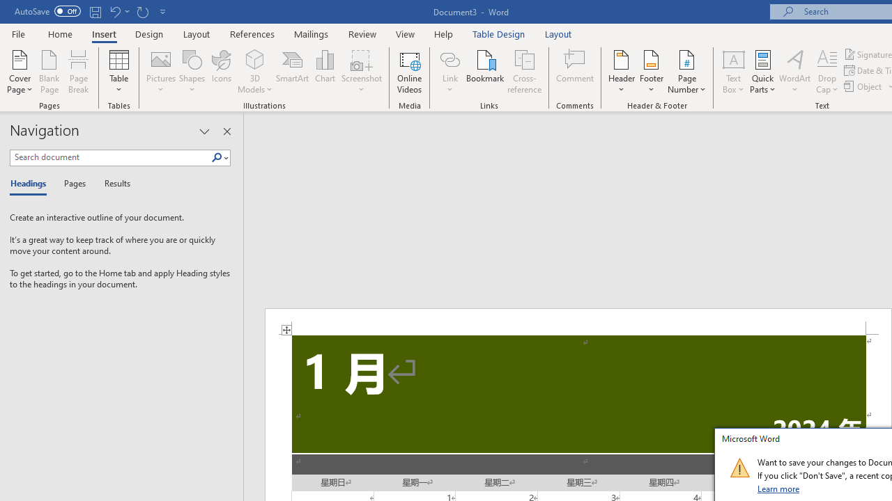 This screenshot has height=501, width=892. Describe the element at coordinates (362, 33) in the screenshot. I see `'Review'` at that location.